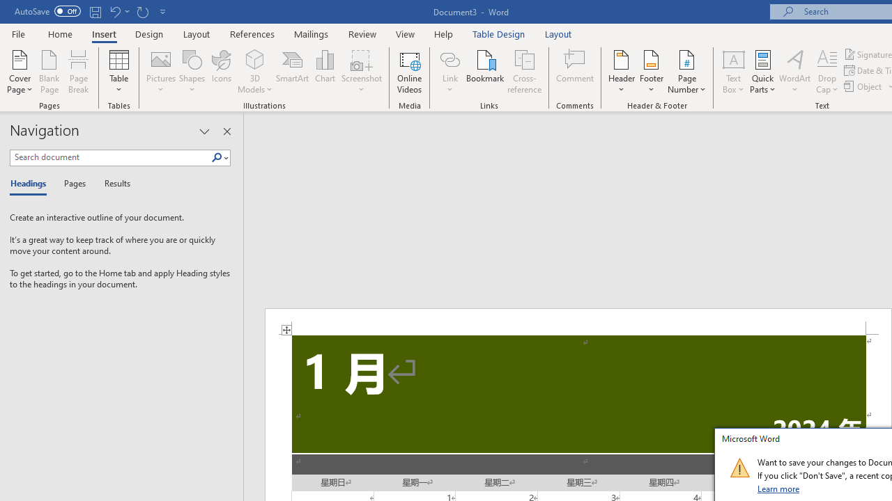 This screenshot has height=501, width=892. Describe the element at coordinates (362, 33) in the screenshot. I see `'Review'` at that location.